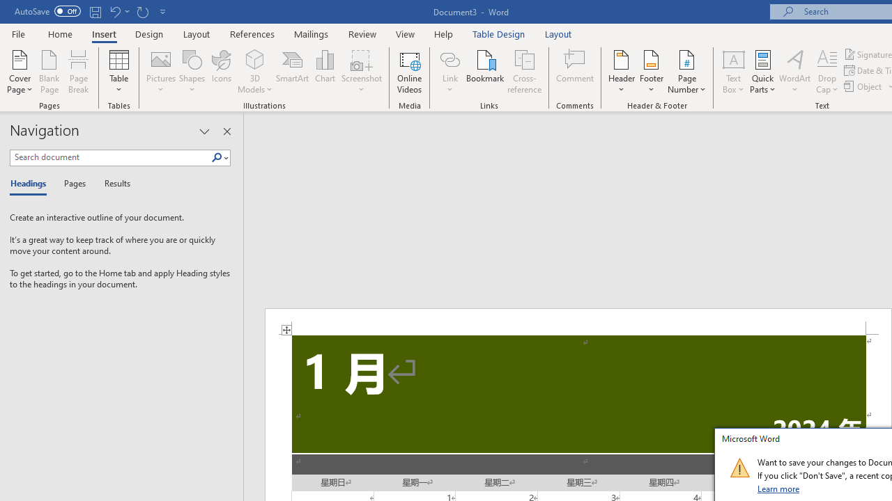 This screenshot has height=501, width=892. Describe the element at coordinates (362, 33) in the screenshot. I see `'Review'` at that location.